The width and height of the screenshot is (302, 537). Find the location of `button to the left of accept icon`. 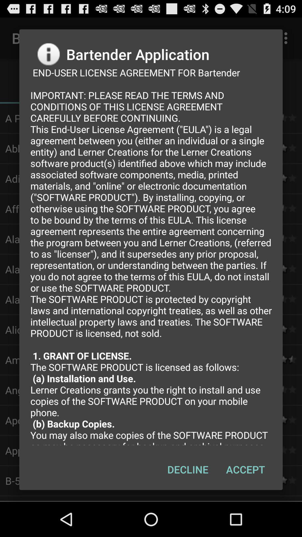

button to the left of accept icon is located at coordinates (188, 469).